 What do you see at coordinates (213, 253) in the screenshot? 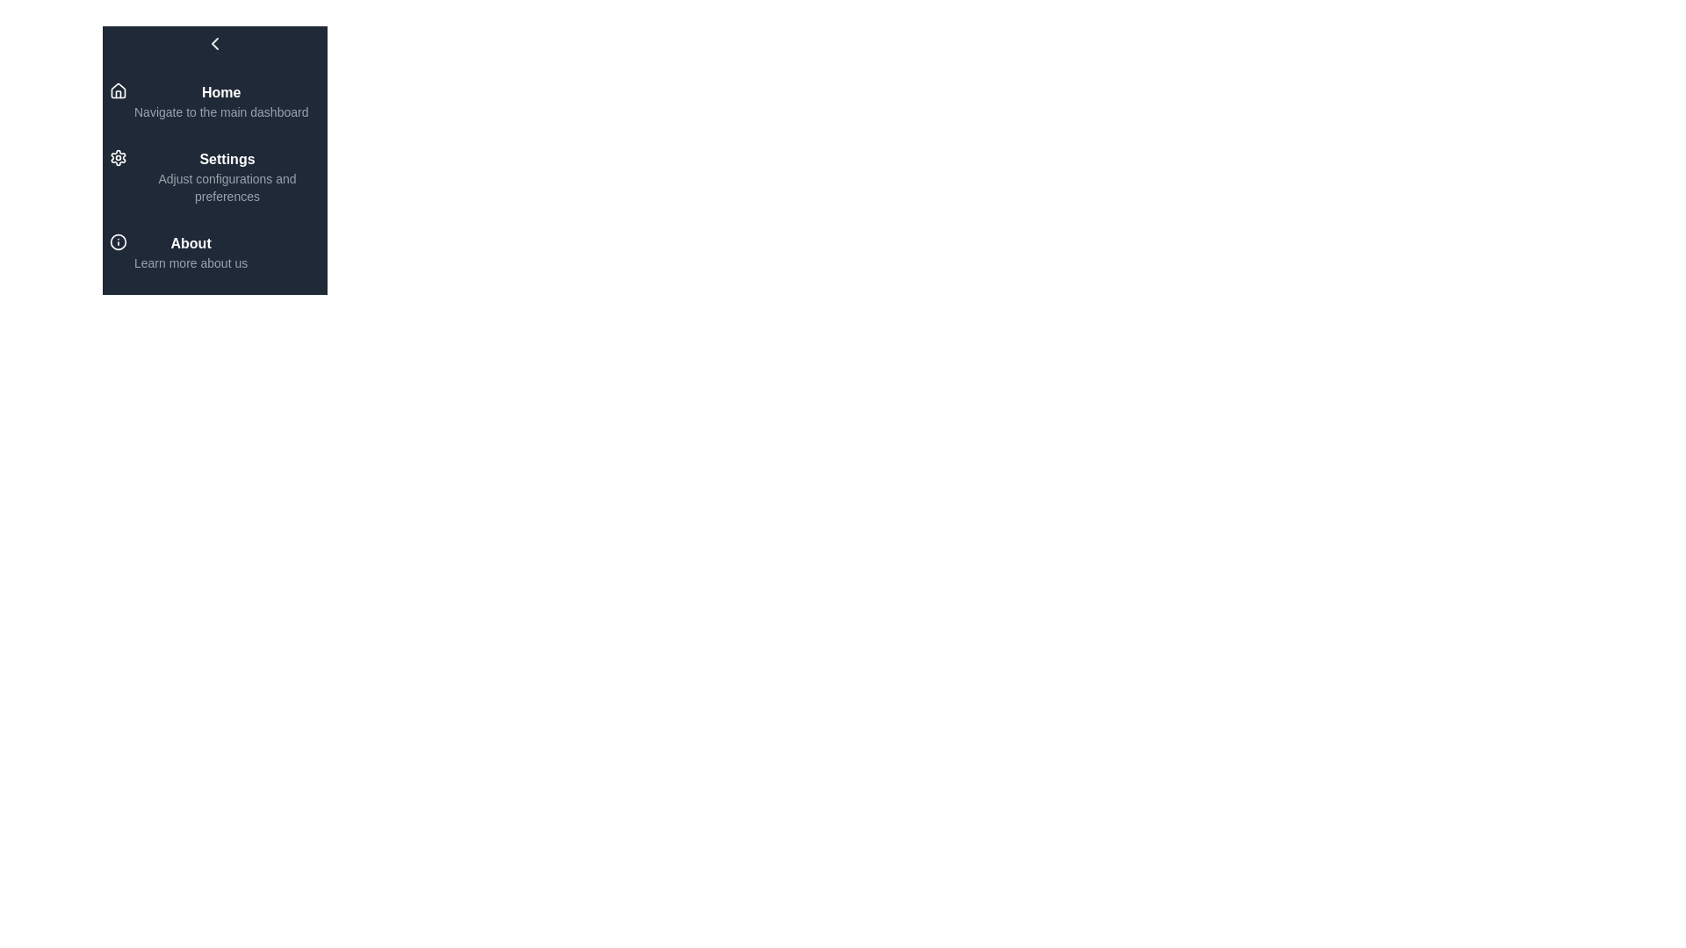
I see `the menu item About to highlight it` at bounding box center [213, 253].